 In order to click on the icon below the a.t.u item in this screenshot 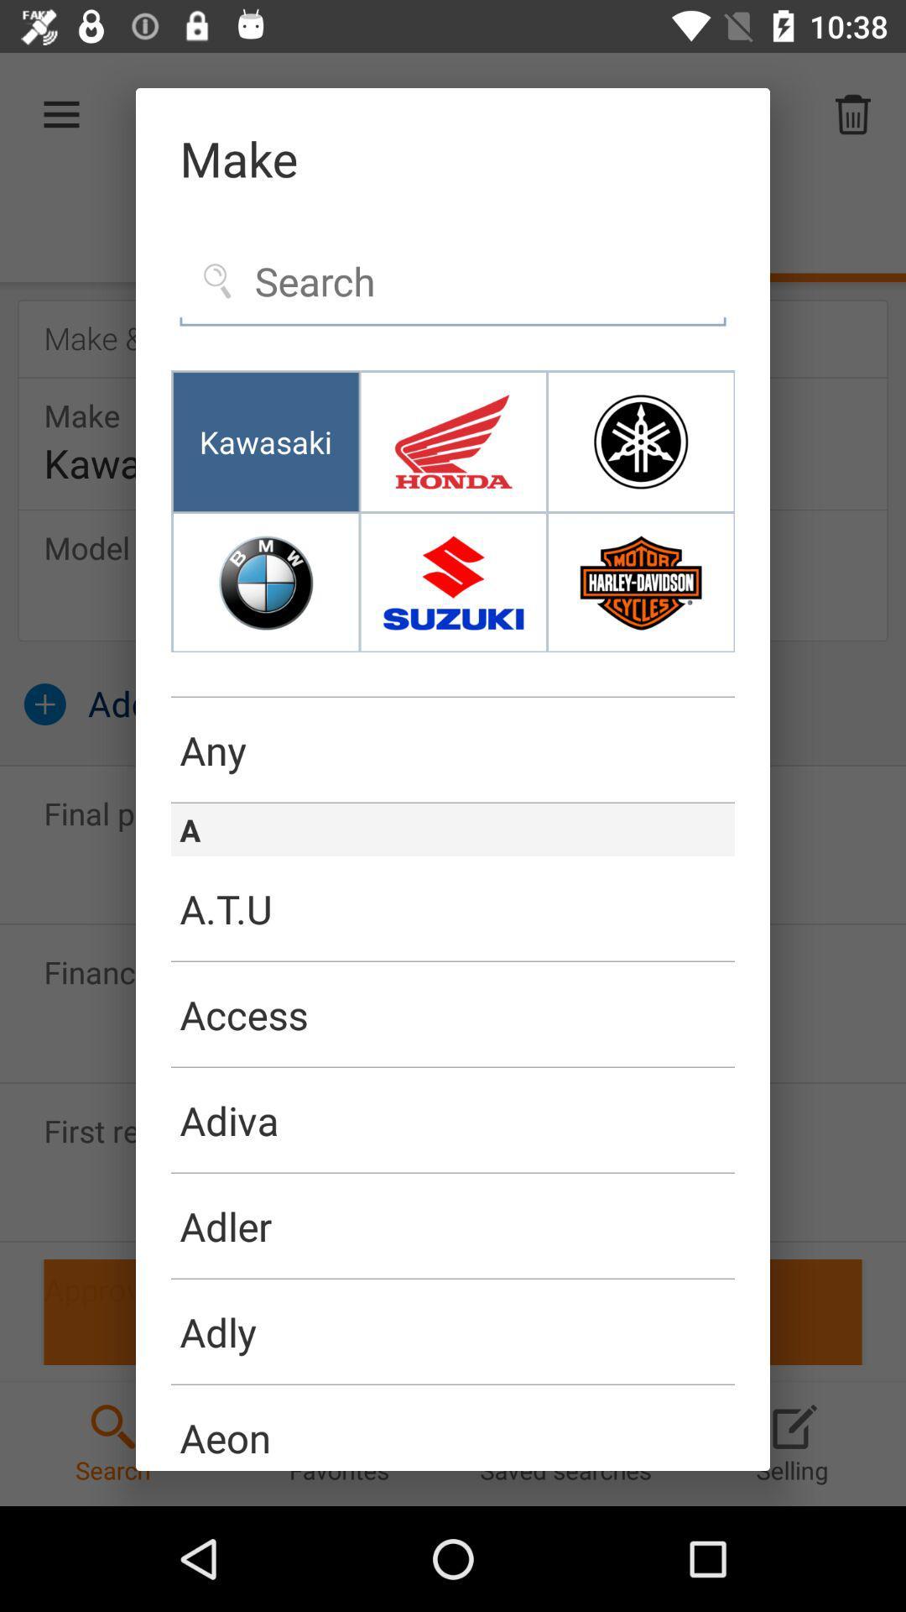, I will do `click(453, 1014)`.